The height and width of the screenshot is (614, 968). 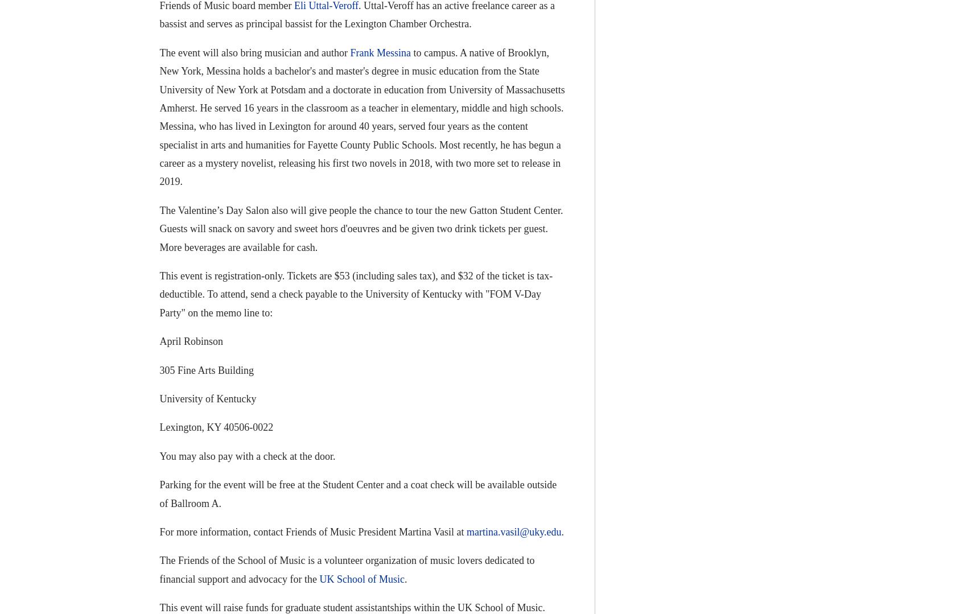 What do you see at coordinates (351, 607) in the screenshot?
I see `'This event will raise funds for graduate student assistantships within the UK School of Music.'` at bounding box center [351, 607].